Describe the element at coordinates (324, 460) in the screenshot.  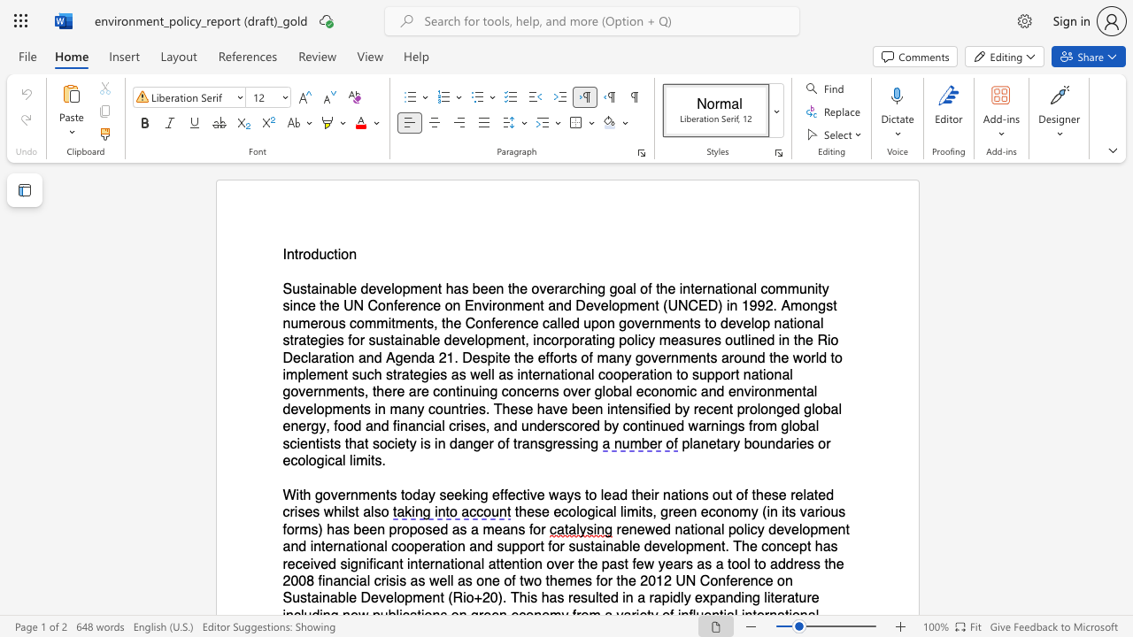
I see `the subset text "ical limi" within the text "planetary boundaries or ecological limits."` at that location.